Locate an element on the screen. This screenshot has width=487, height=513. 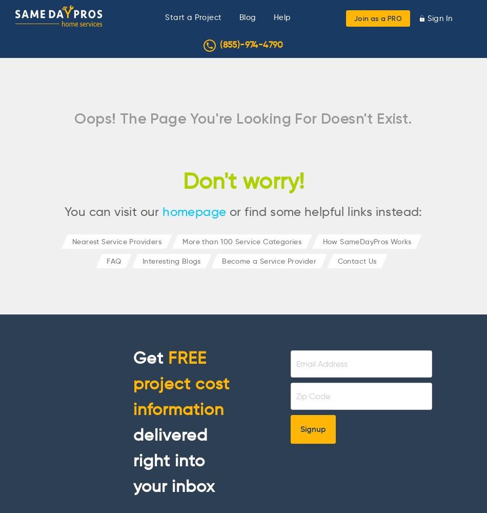
'Help' is located at coordinates (281, 17).